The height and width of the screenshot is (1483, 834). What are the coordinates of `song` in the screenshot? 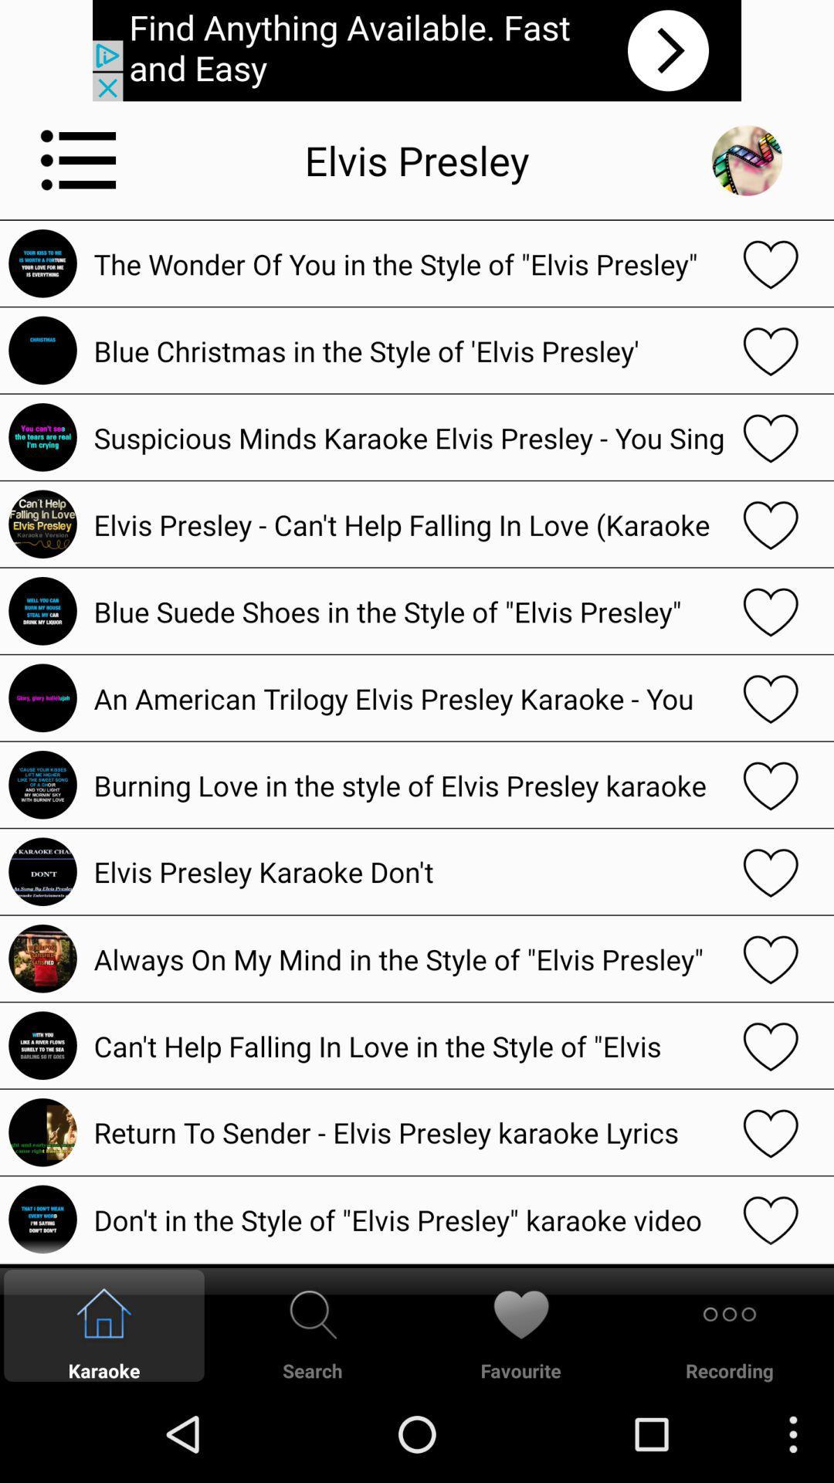 It's located at (771, 610).